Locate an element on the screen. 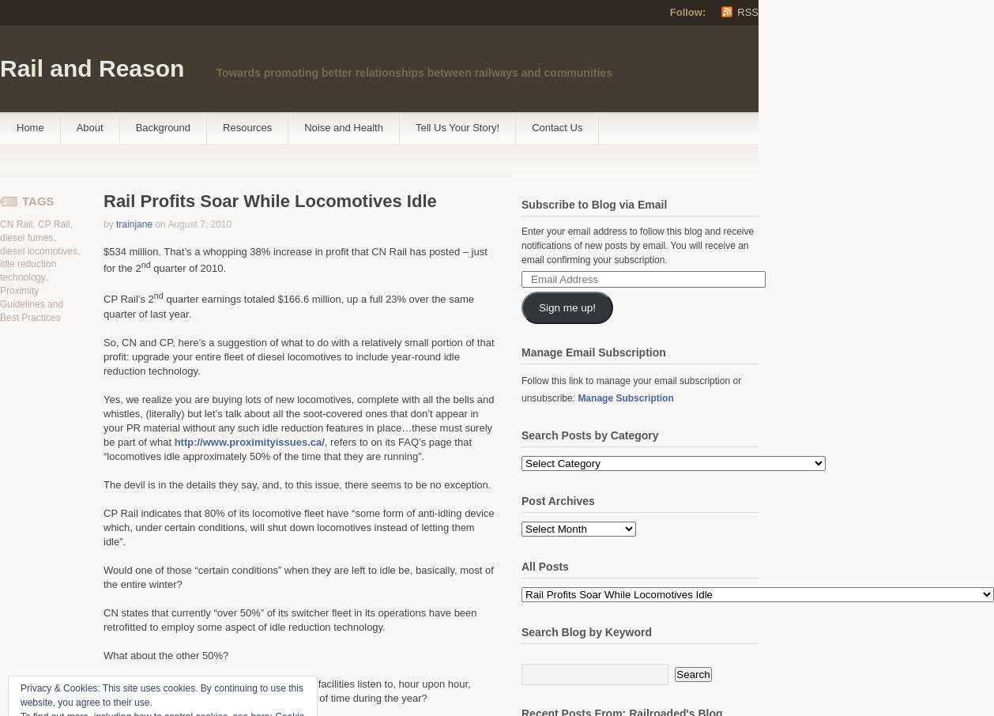  'Proximity Guidelines and Best Practices' is located at coordinates (32, 302).